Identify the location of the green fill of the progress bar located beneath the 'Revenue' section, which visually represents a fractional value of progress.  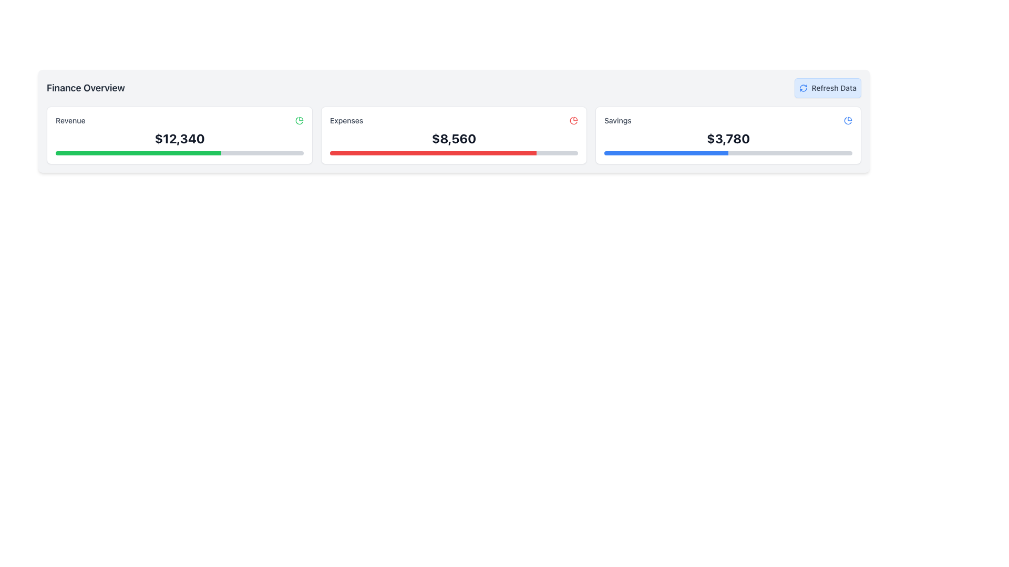
(138, 153).